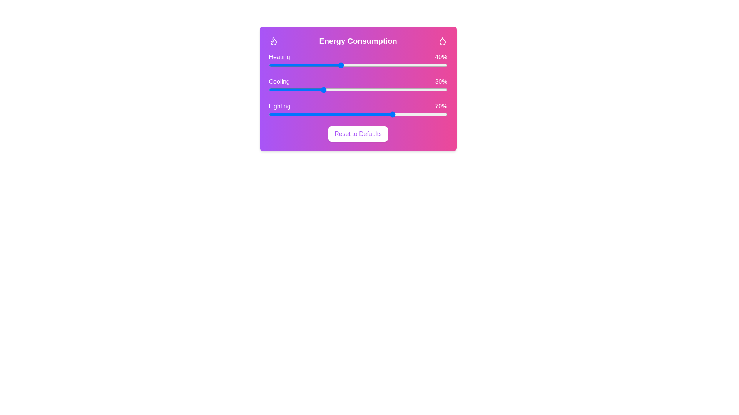  What do you see at coordinates (436, 114) in the screenshot?
I see `the 'Lighting' slider to set its value to 94` at bounding box center [436, 114].